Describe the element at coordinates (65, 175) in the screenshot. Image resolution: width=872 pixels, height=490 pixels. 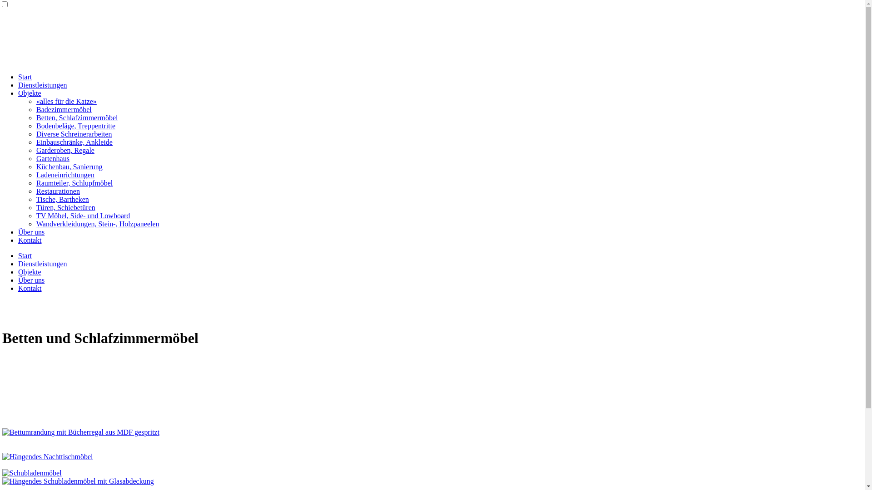
I see `'Ladeneinrichtungen'` at that location.